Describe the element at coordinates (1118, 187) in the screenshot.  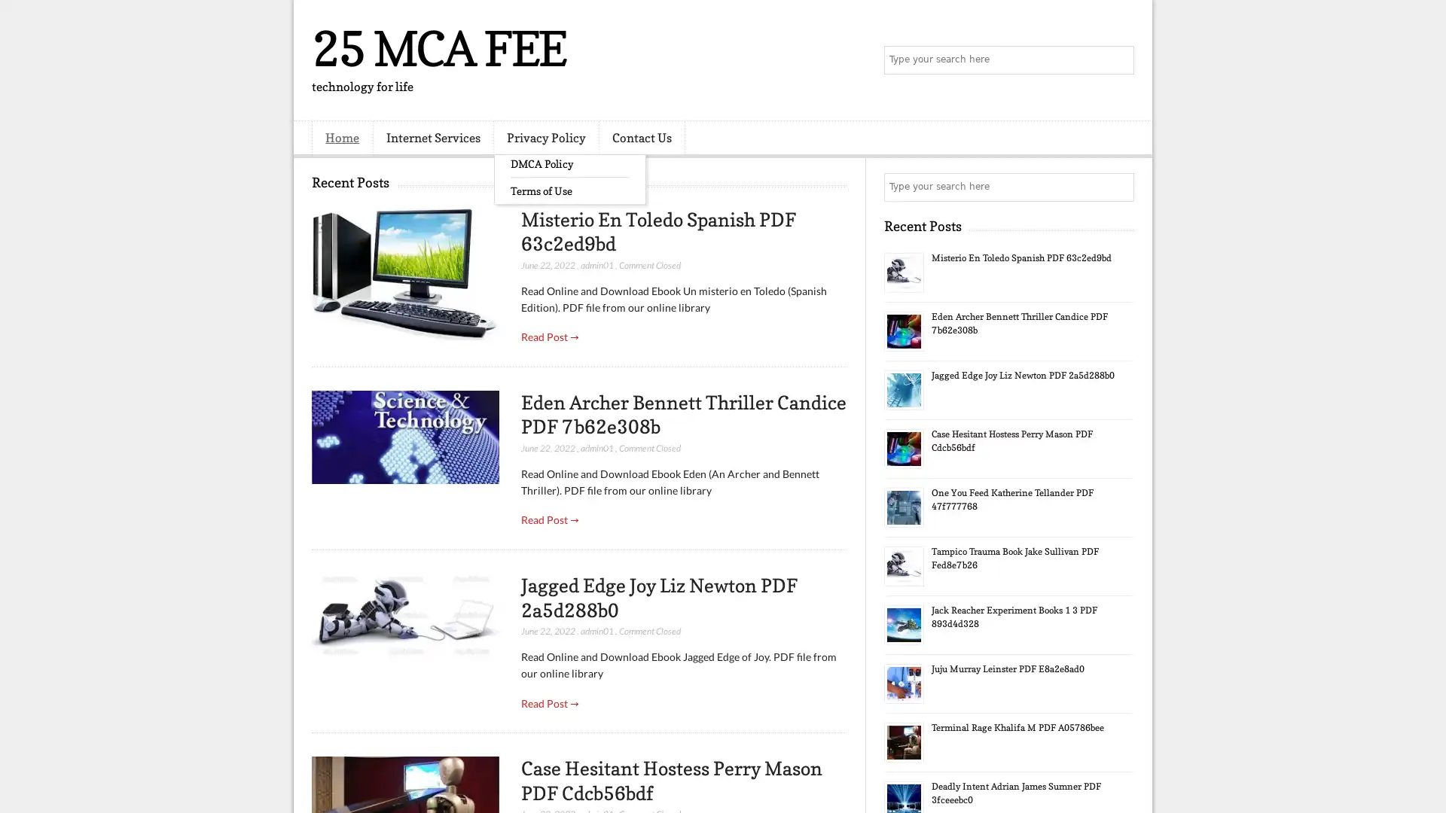
I see `Search` at that location.